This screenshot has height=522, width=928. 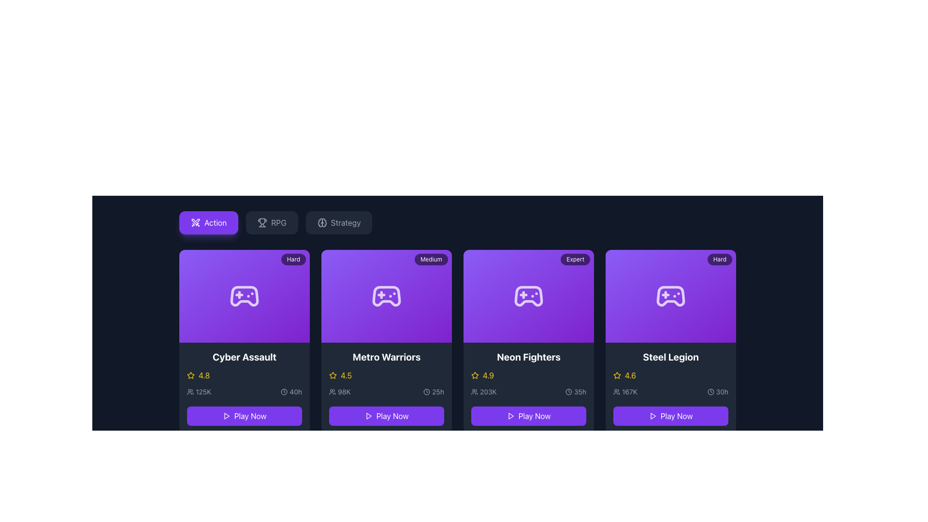 What do you see at coordinates (528, 357) in the screenshot?
I see `title text 'Neon Fighters' from the heading element, which is styled prominently in bold, white font as the primary title within its card` at bounding box center [528, 357].